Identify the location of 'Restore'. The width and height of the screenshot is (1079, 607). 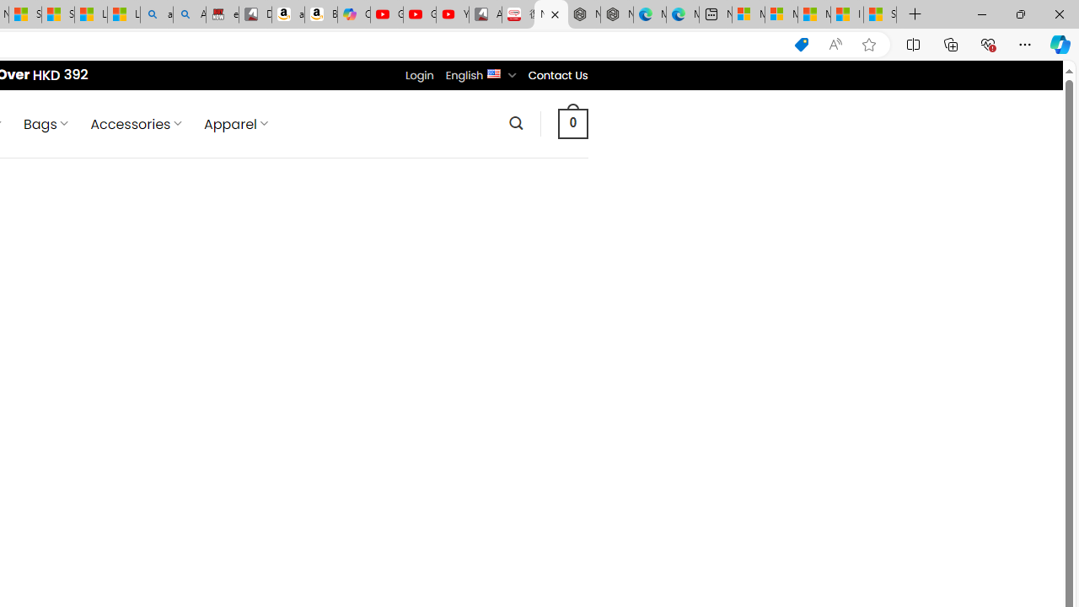
(1019, 13).